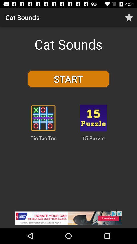 This screenshot has width=137, height=244. What do you see at coordinates (43, 118) in the screenshot?
I see `coles` at bounding box center [43, 118].